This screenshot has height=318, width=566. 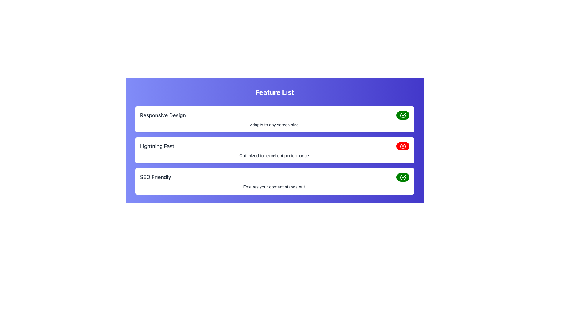 What do you see at coordinates (274, 177) in the screenshot?
I see `the feature status` at bounding box center [274, 177].